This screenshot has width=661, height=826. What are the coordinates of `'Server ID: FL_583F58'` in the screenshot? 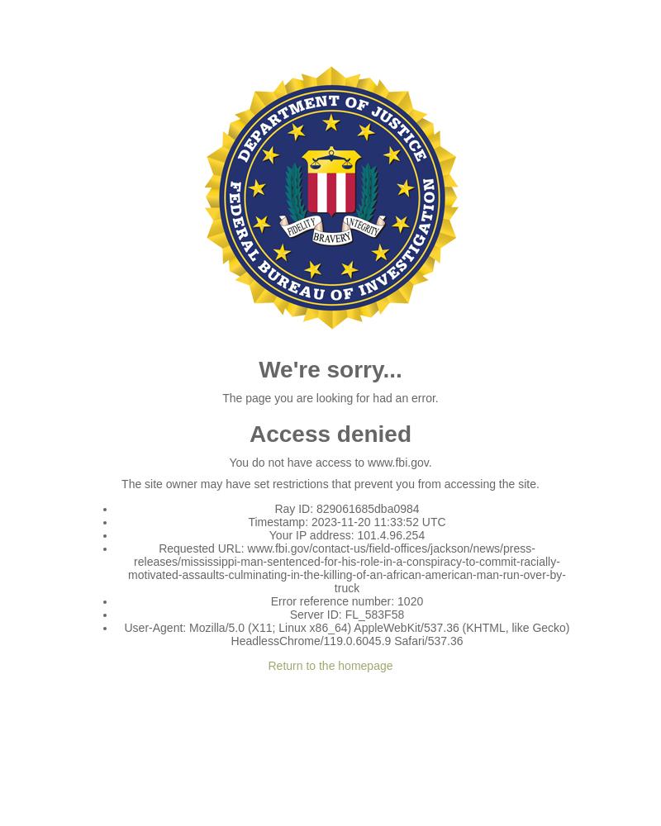 It's located at (346, 614).